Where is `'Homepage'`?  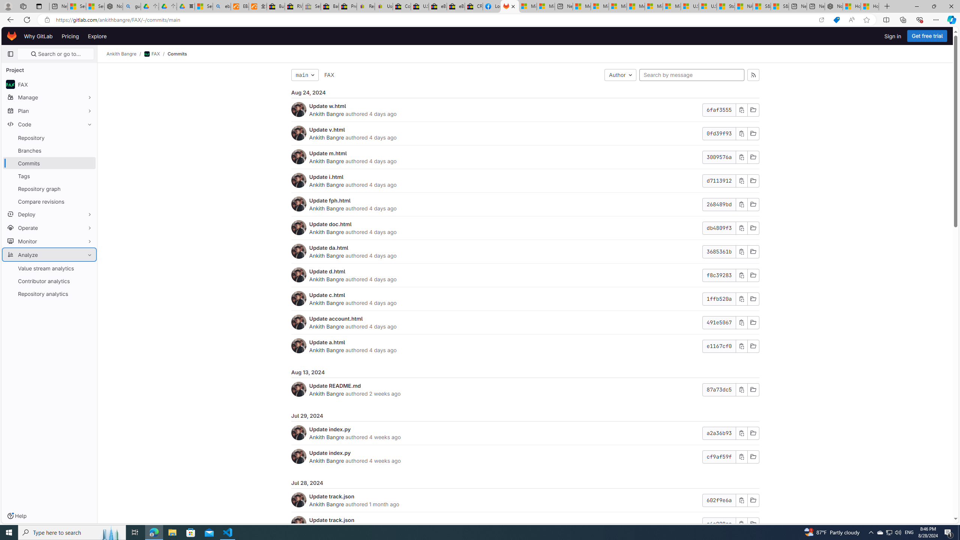 'Homepage' is located at coordinates (12, 36).